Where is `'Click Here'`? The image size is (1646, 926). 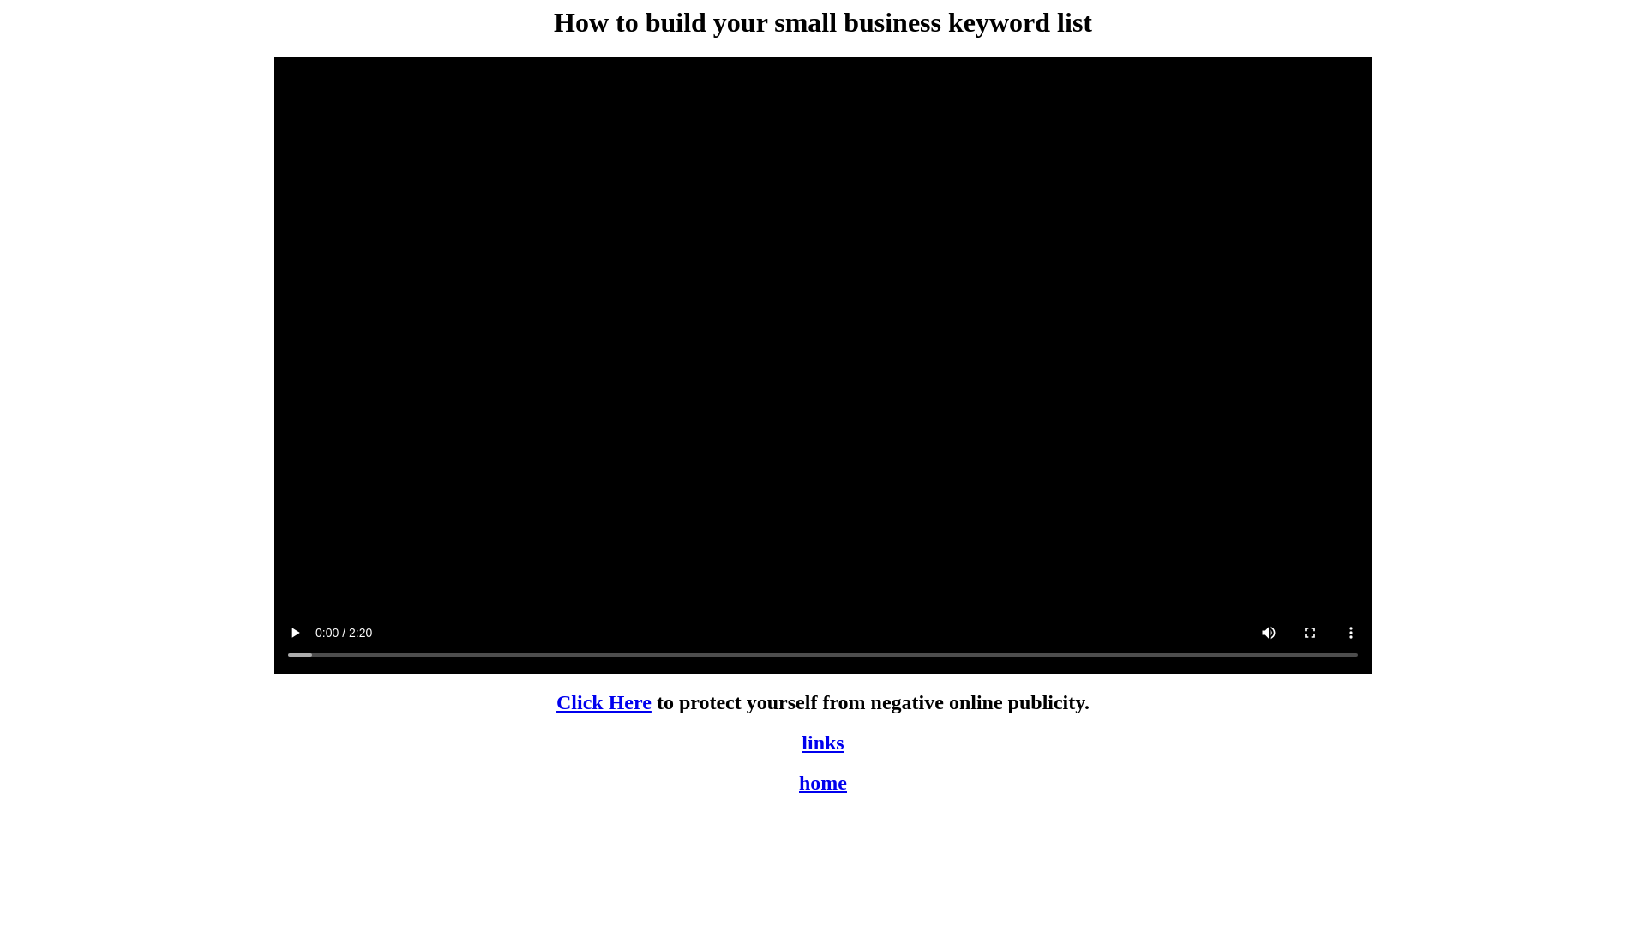 'Click Here' is located at coordinates (604, 701).